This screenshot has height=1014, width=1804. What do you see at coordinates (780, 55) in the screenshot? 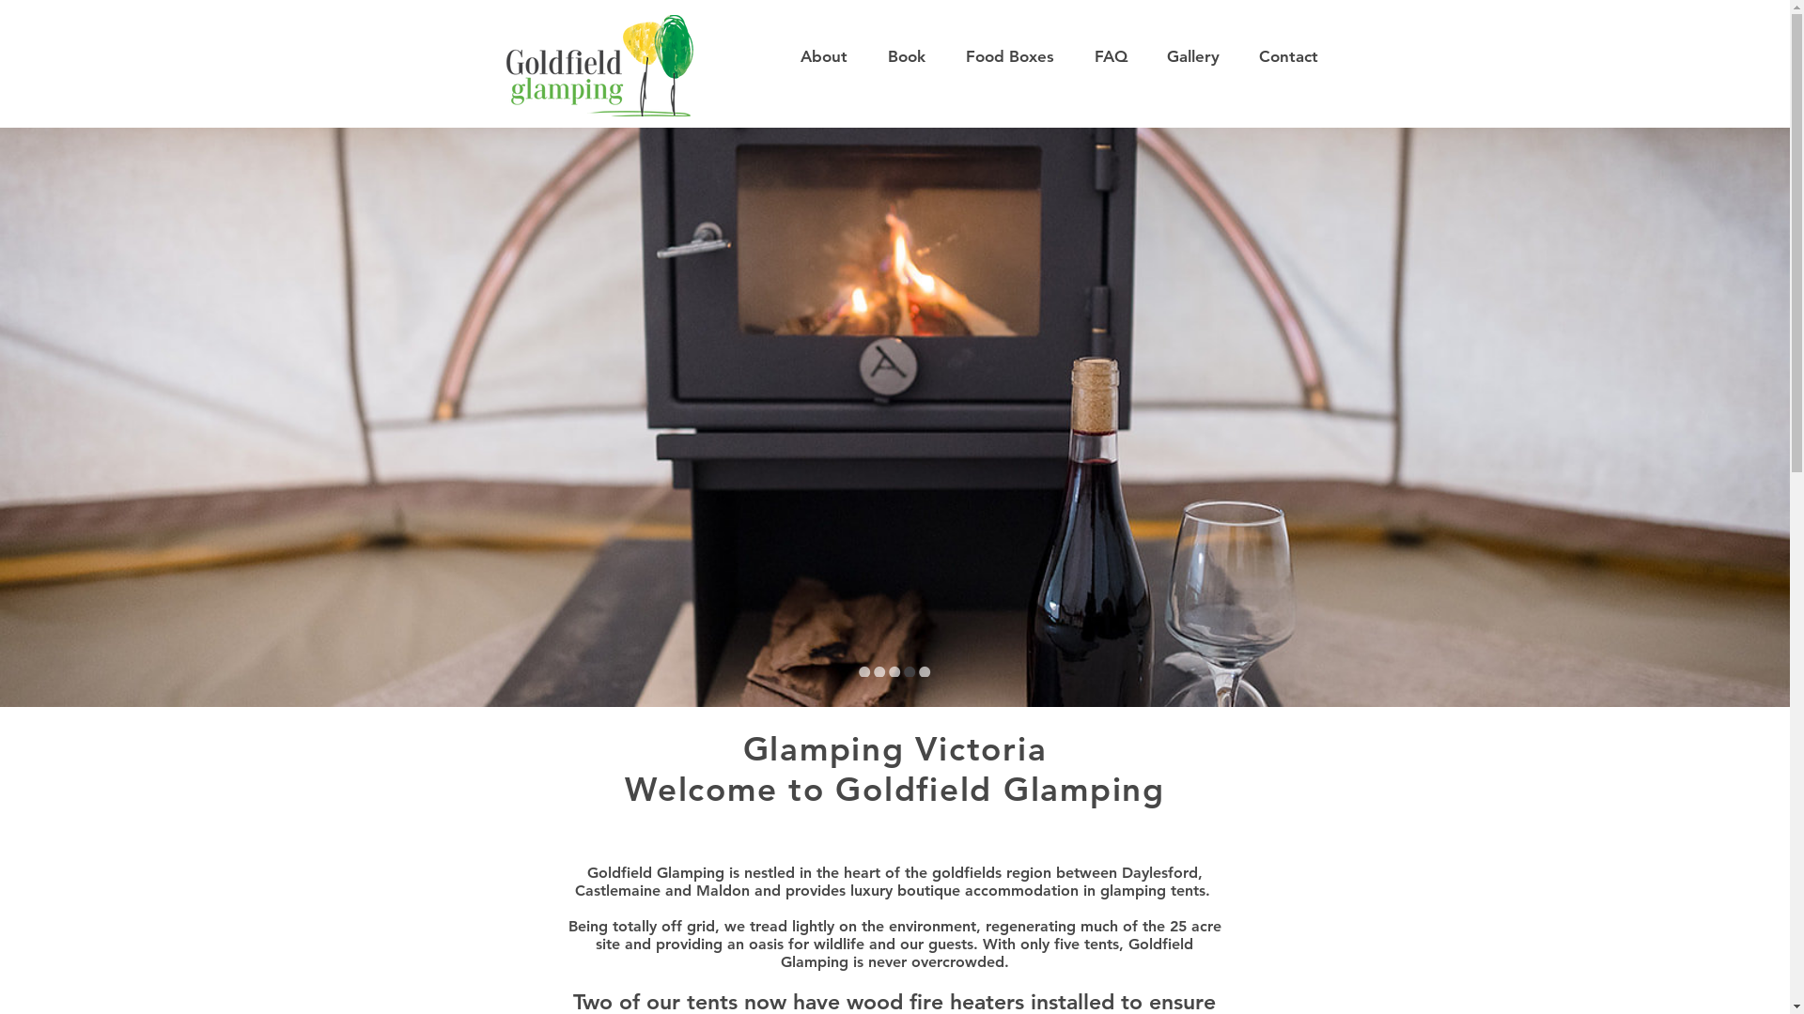
I see `'About'` at bounding box center [780, 55].